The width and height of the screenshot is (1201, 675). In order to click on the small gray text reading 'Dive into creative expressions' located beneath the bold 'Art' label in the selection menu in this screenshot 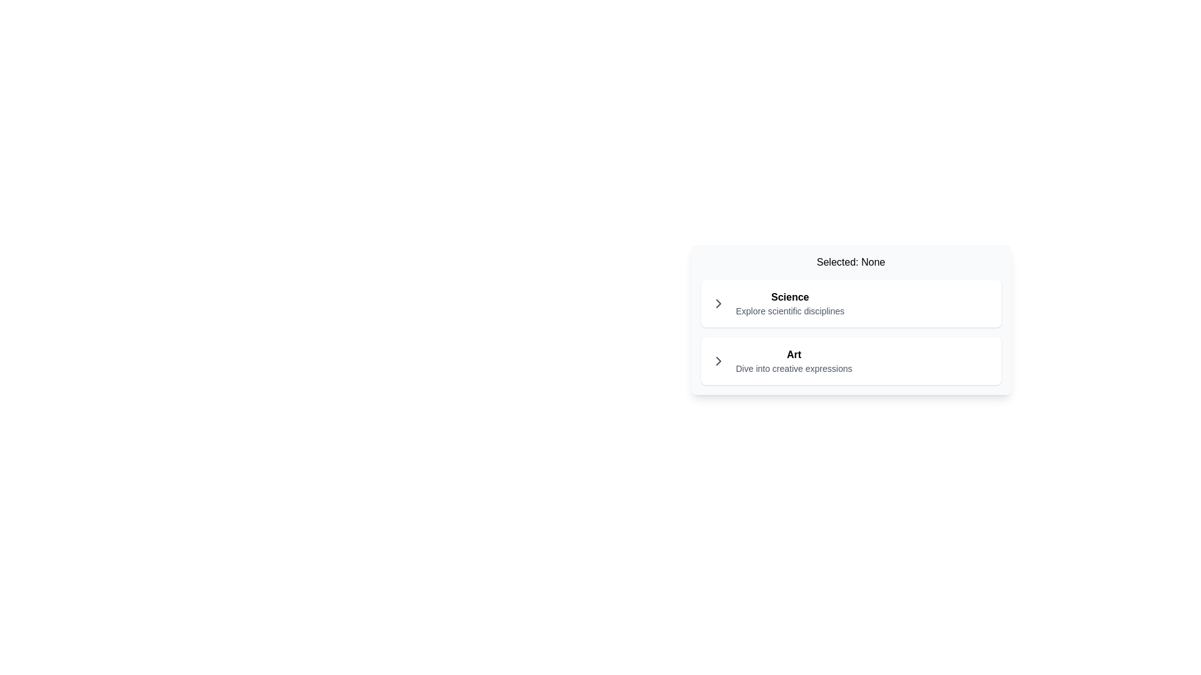, I will do `click(793, 368)`.